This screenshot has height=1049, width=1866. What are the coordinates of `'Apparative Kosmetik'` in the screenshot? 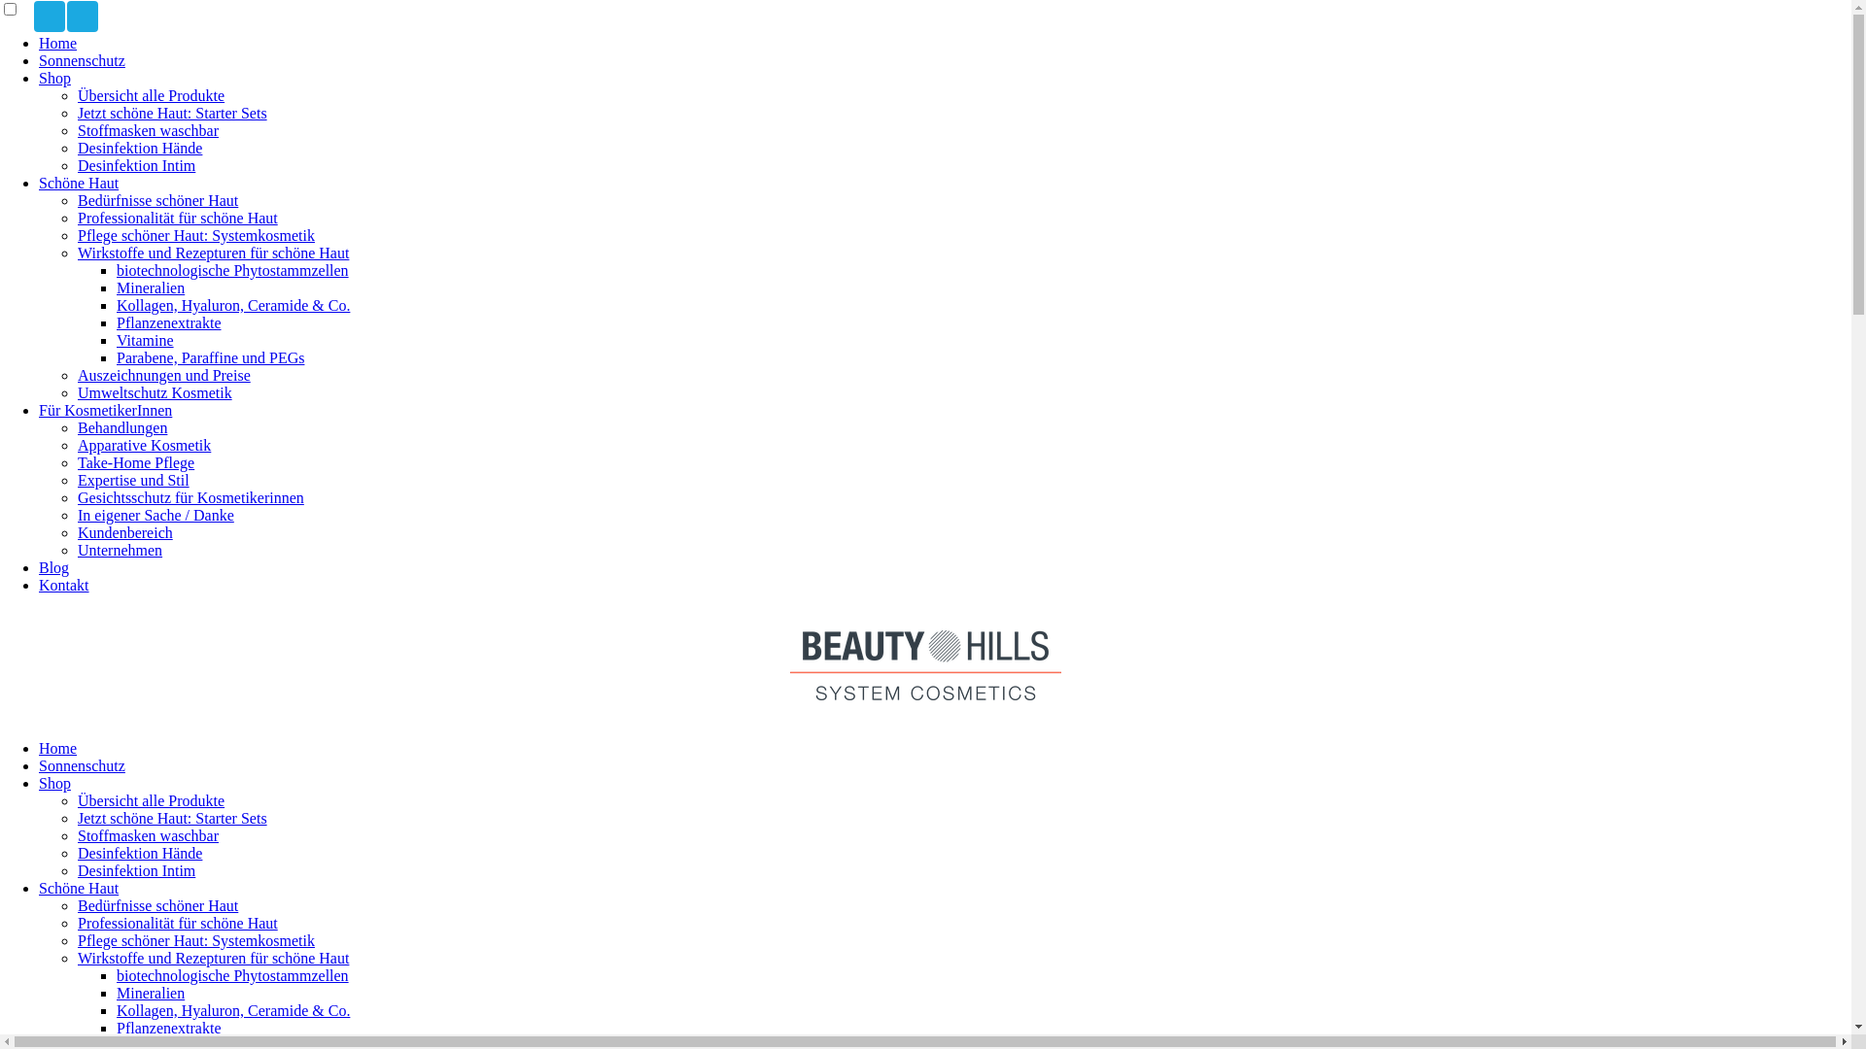 It's located at (143, 445).